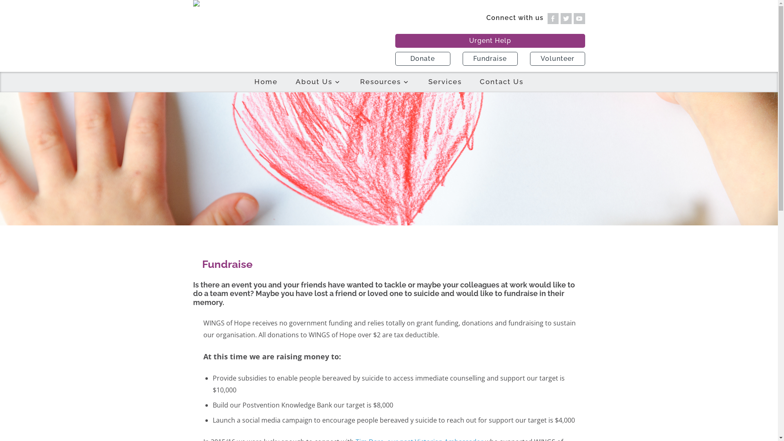  I want to click on 'Volunteer', so click(557, 58).